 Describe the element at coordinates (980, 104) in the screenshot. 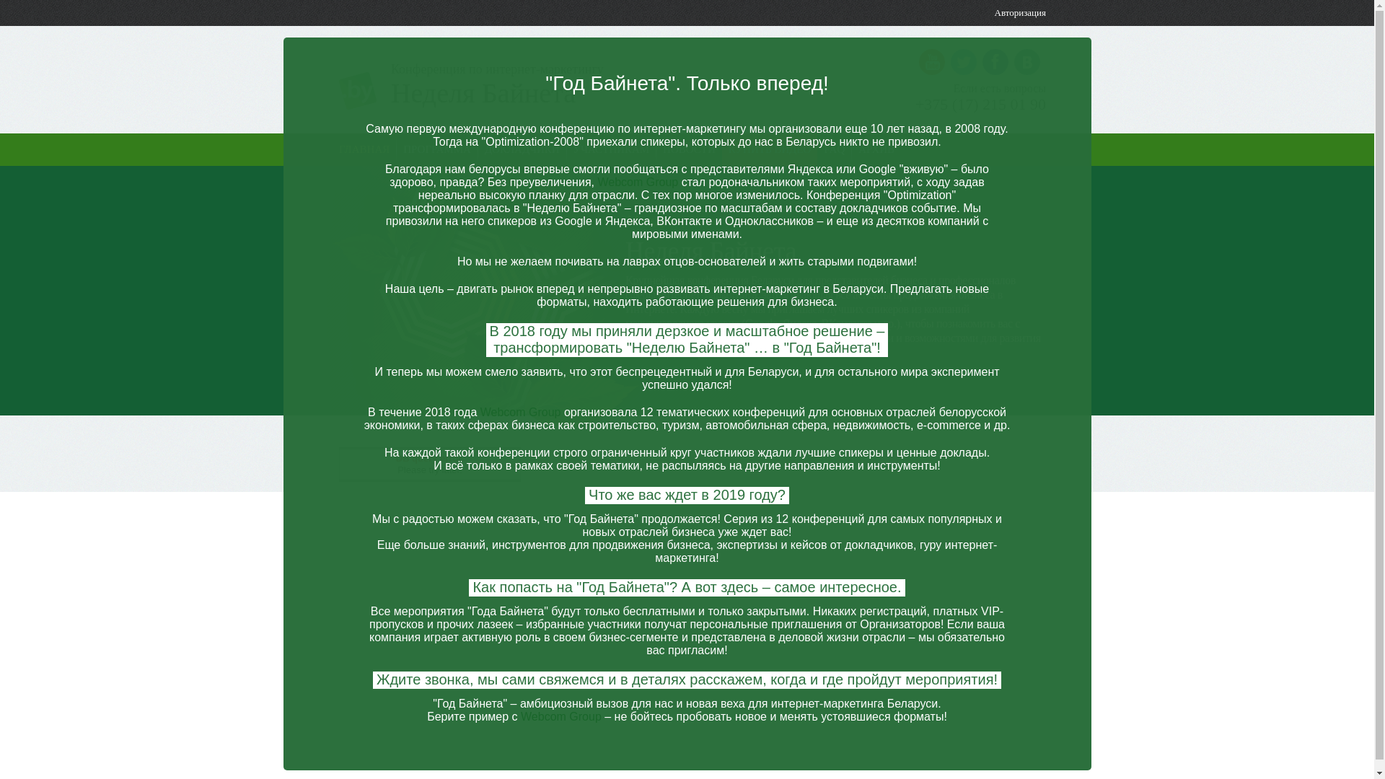

I see `'+375 (17) 215 01 90'` at that location.